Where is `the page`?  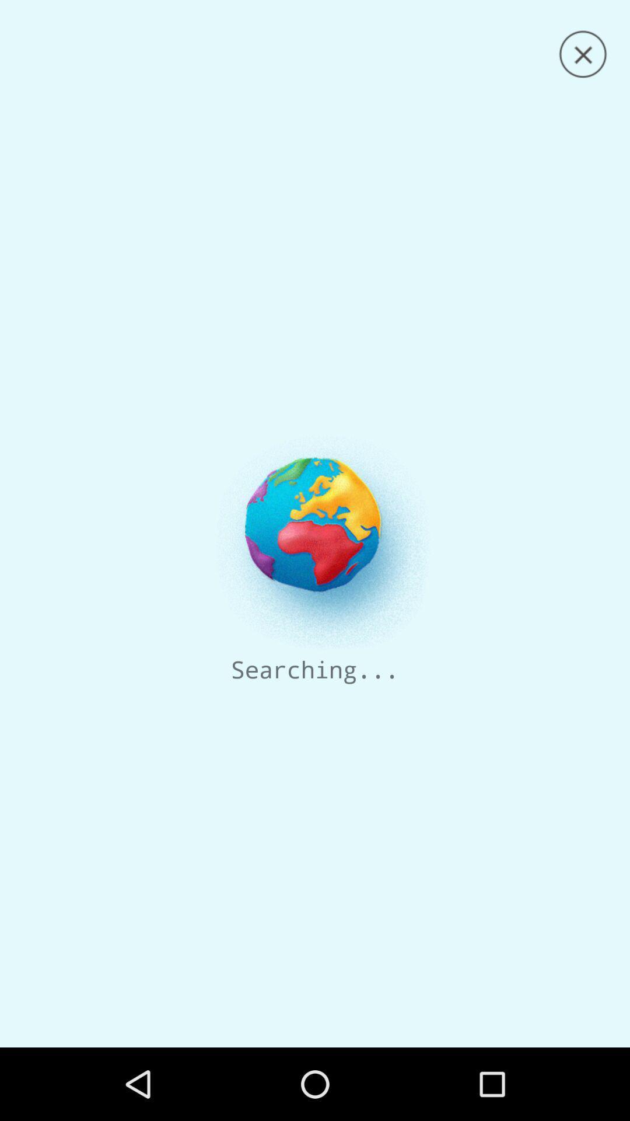 the page is located at coordinates (583, 54).